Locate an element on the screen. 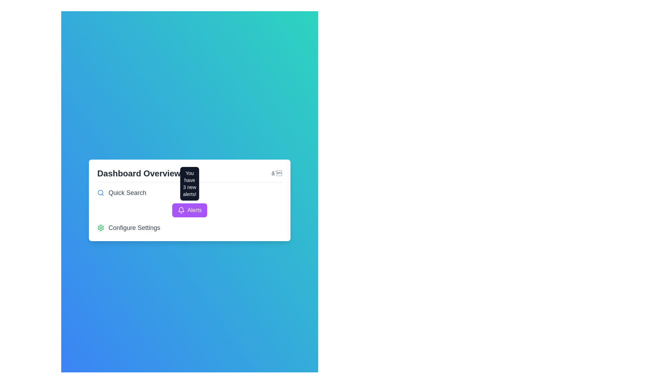 This screenshot has height=378, width=672. the 'Configure Settings' text label, which is styled in gray and located near the bottom-left of the card interface, right-aligned with the settings icon is located at coordinates (134, 227).